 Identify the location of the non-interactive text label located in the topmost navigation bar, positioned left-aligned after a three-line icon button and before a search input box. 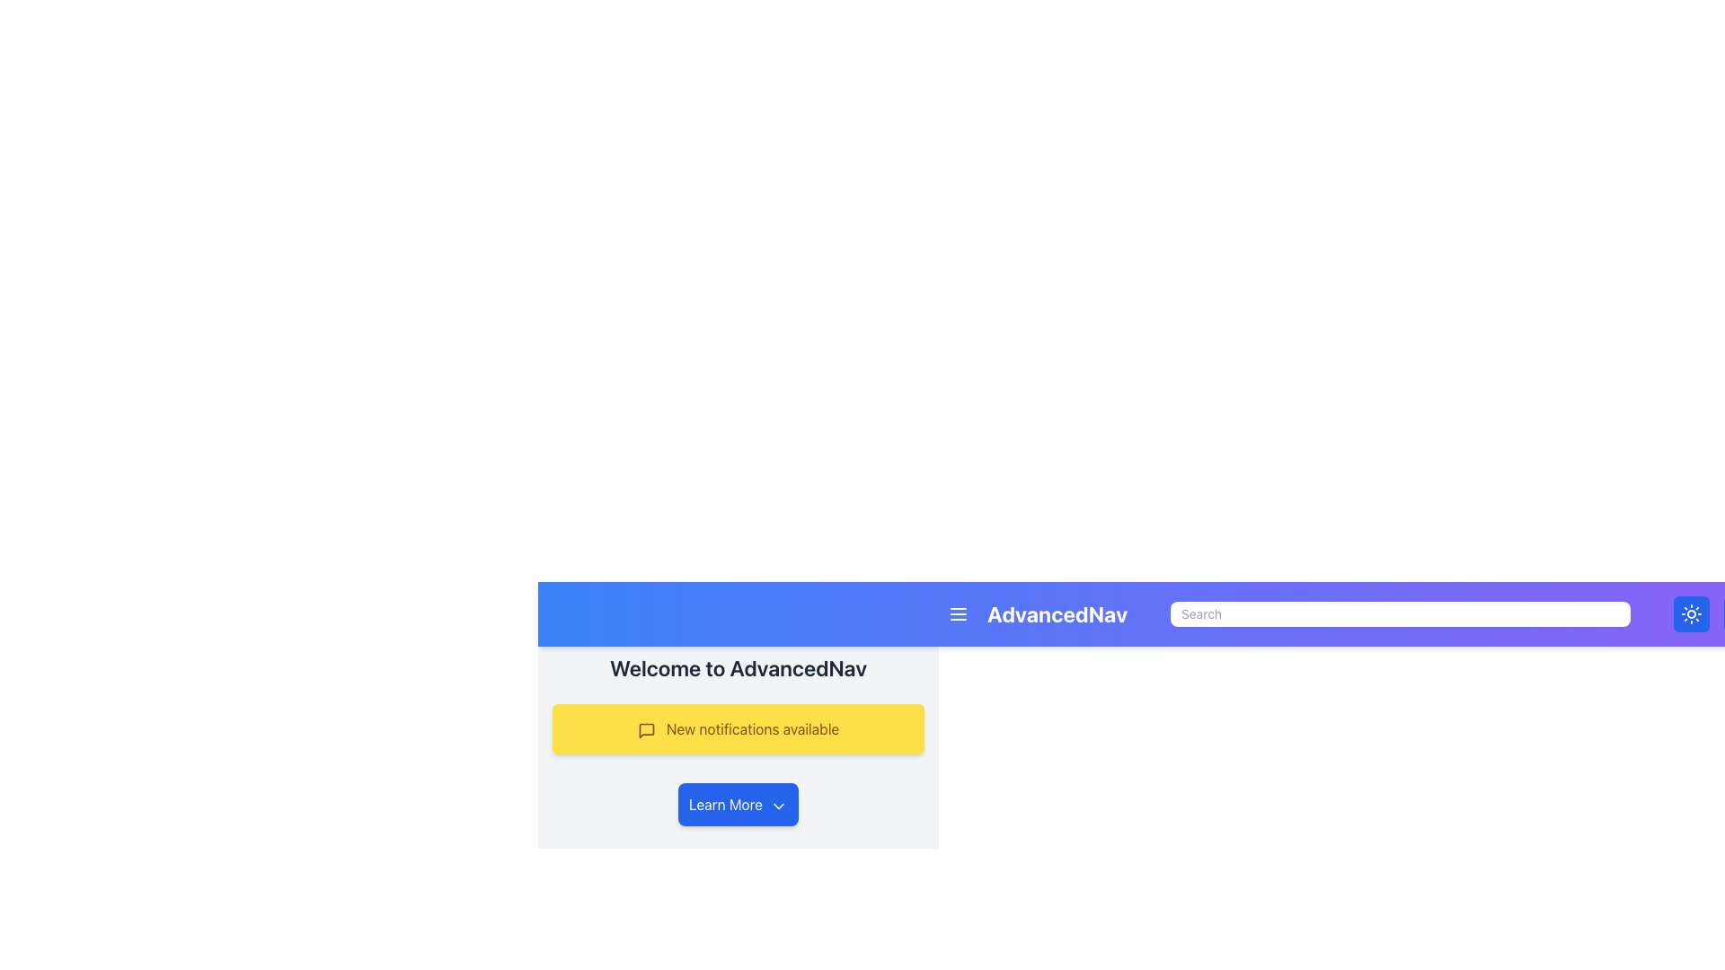
(1034, 613).